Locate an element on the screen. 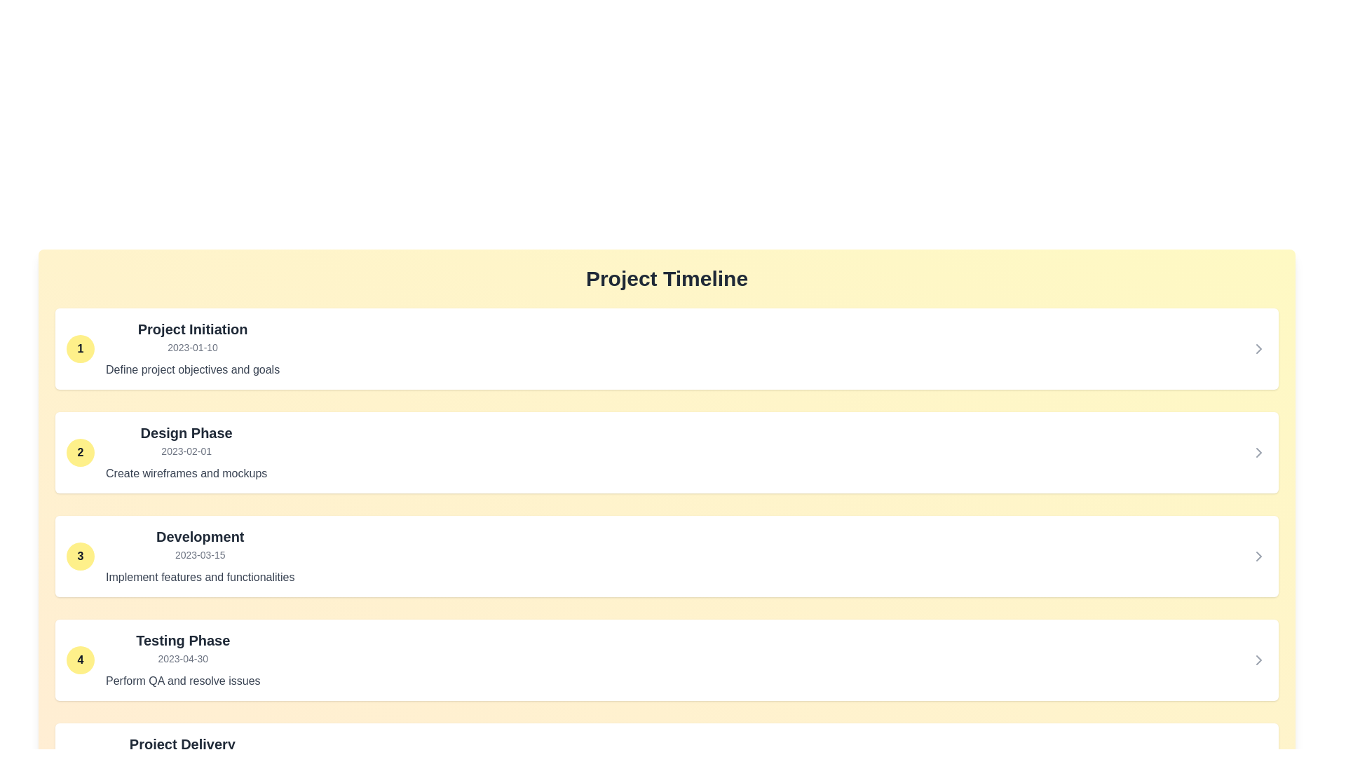 The width and height of the screenshot is (1346, 757). the circular badge with a yellow background and a black number '4' in bold font, which represents the 'Testing Phase' step in the timeline is located at coordinates (80, 660).